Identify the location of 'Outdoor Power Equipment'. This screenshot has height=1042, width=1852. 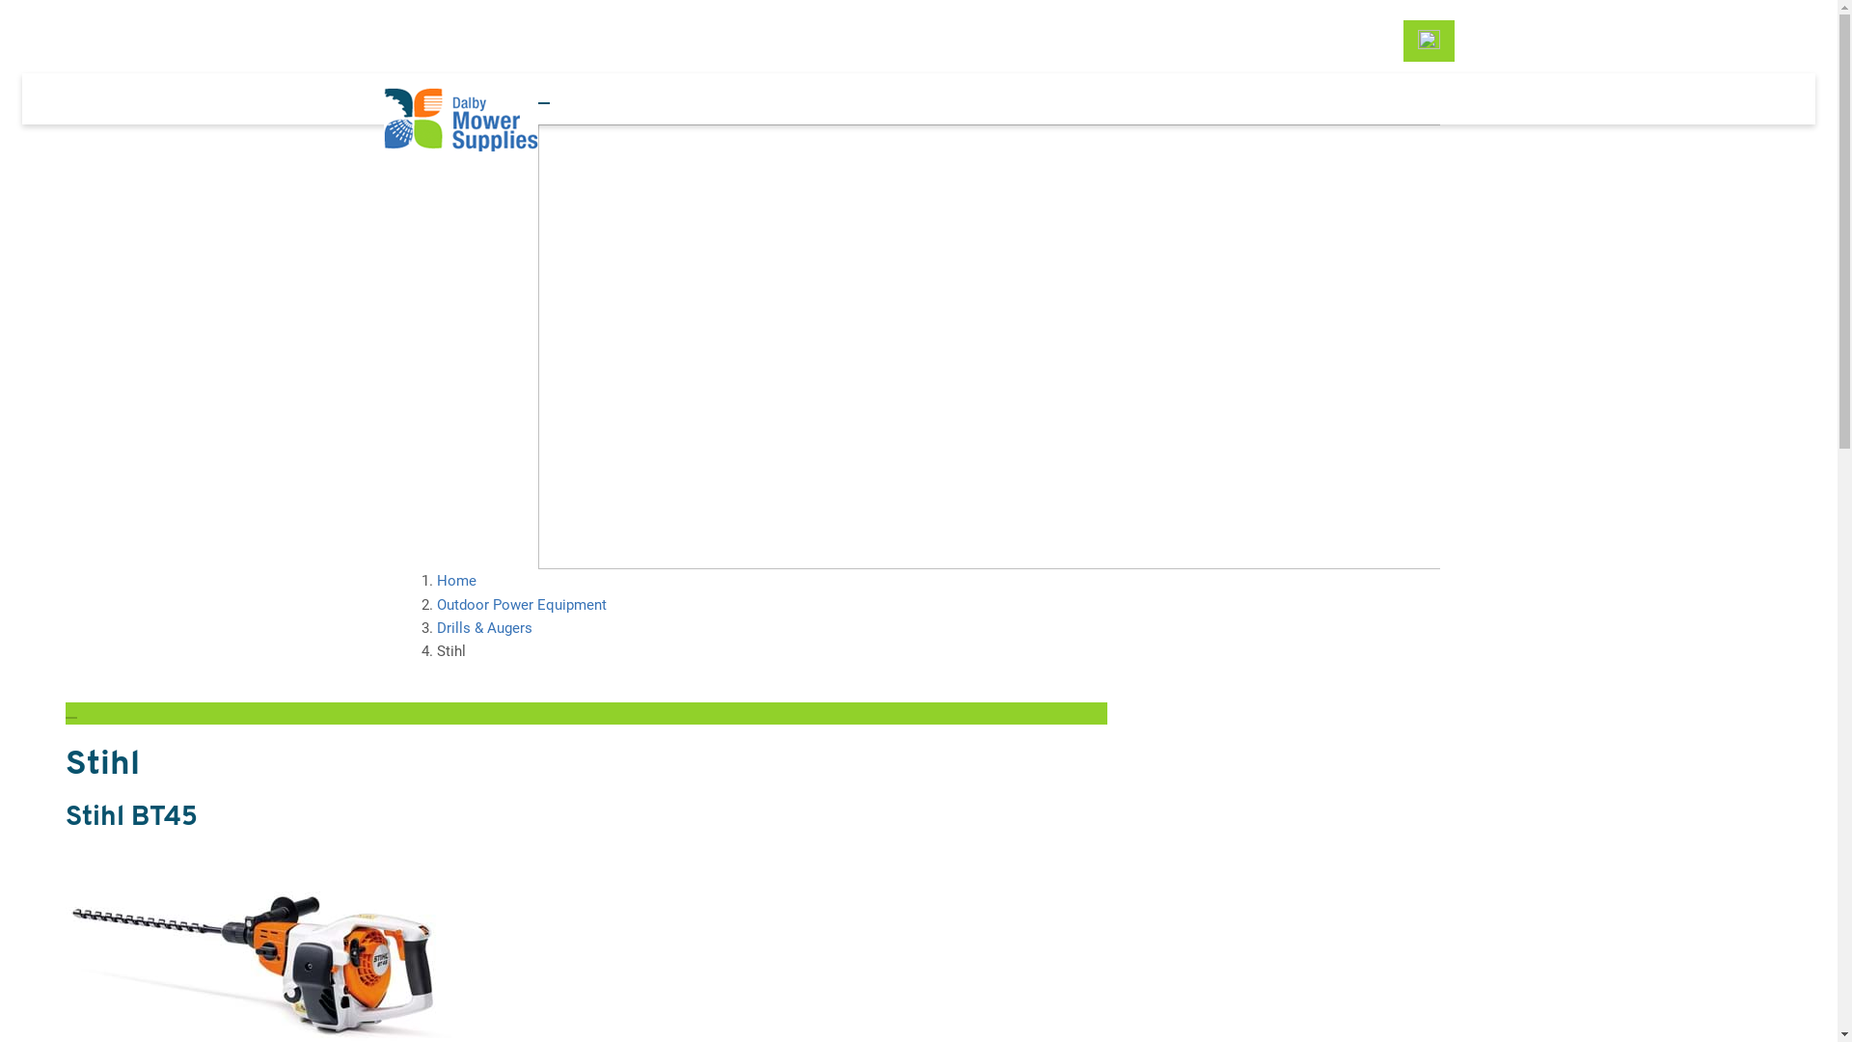
(520, 604).